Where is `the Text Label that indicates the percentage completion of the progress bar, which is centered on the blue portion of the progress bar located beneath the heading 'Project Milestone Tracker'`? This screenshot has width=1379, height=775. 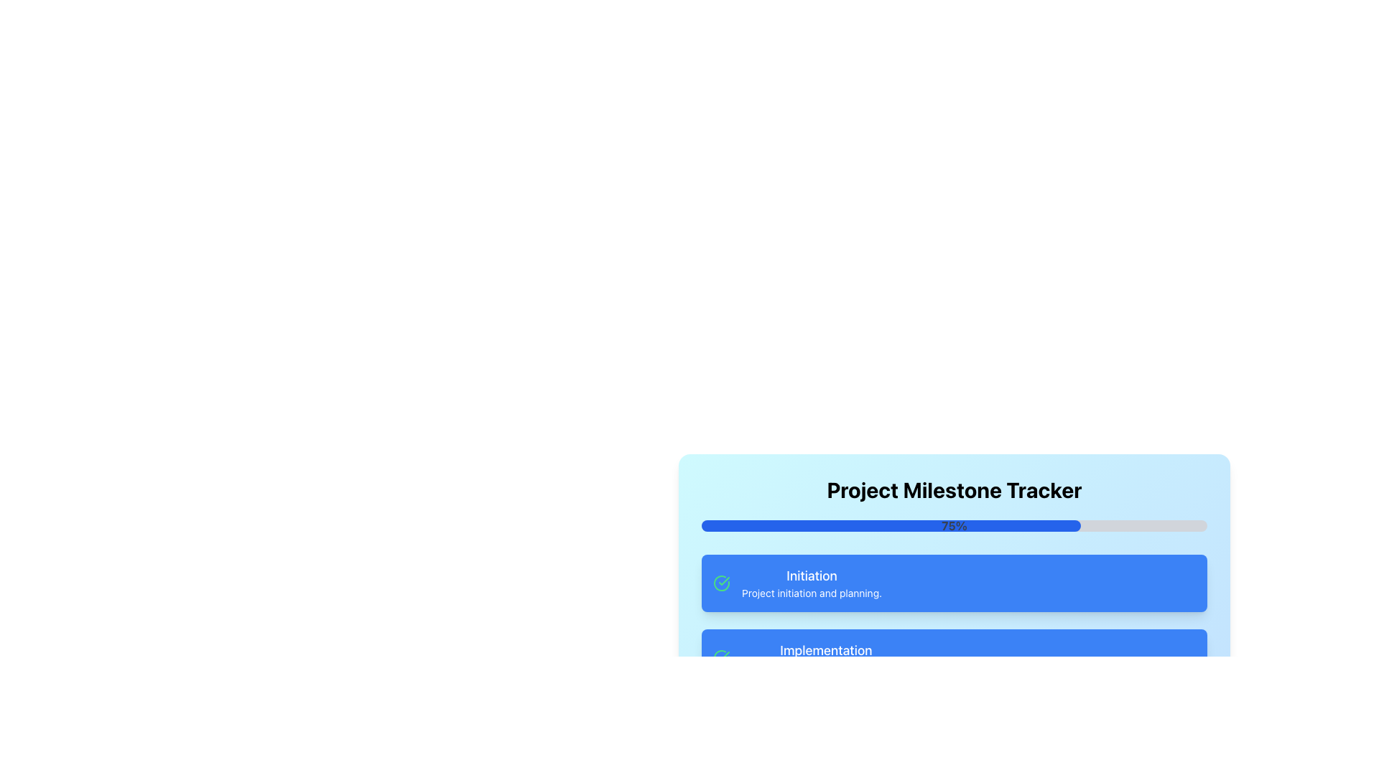 the Text Label that indicates the percentage completion of the progress bar, which is centered on the blue portion of the progress bar located beneath the heading 'Project Milestone Tracker' is located at coordinates (955, 525).